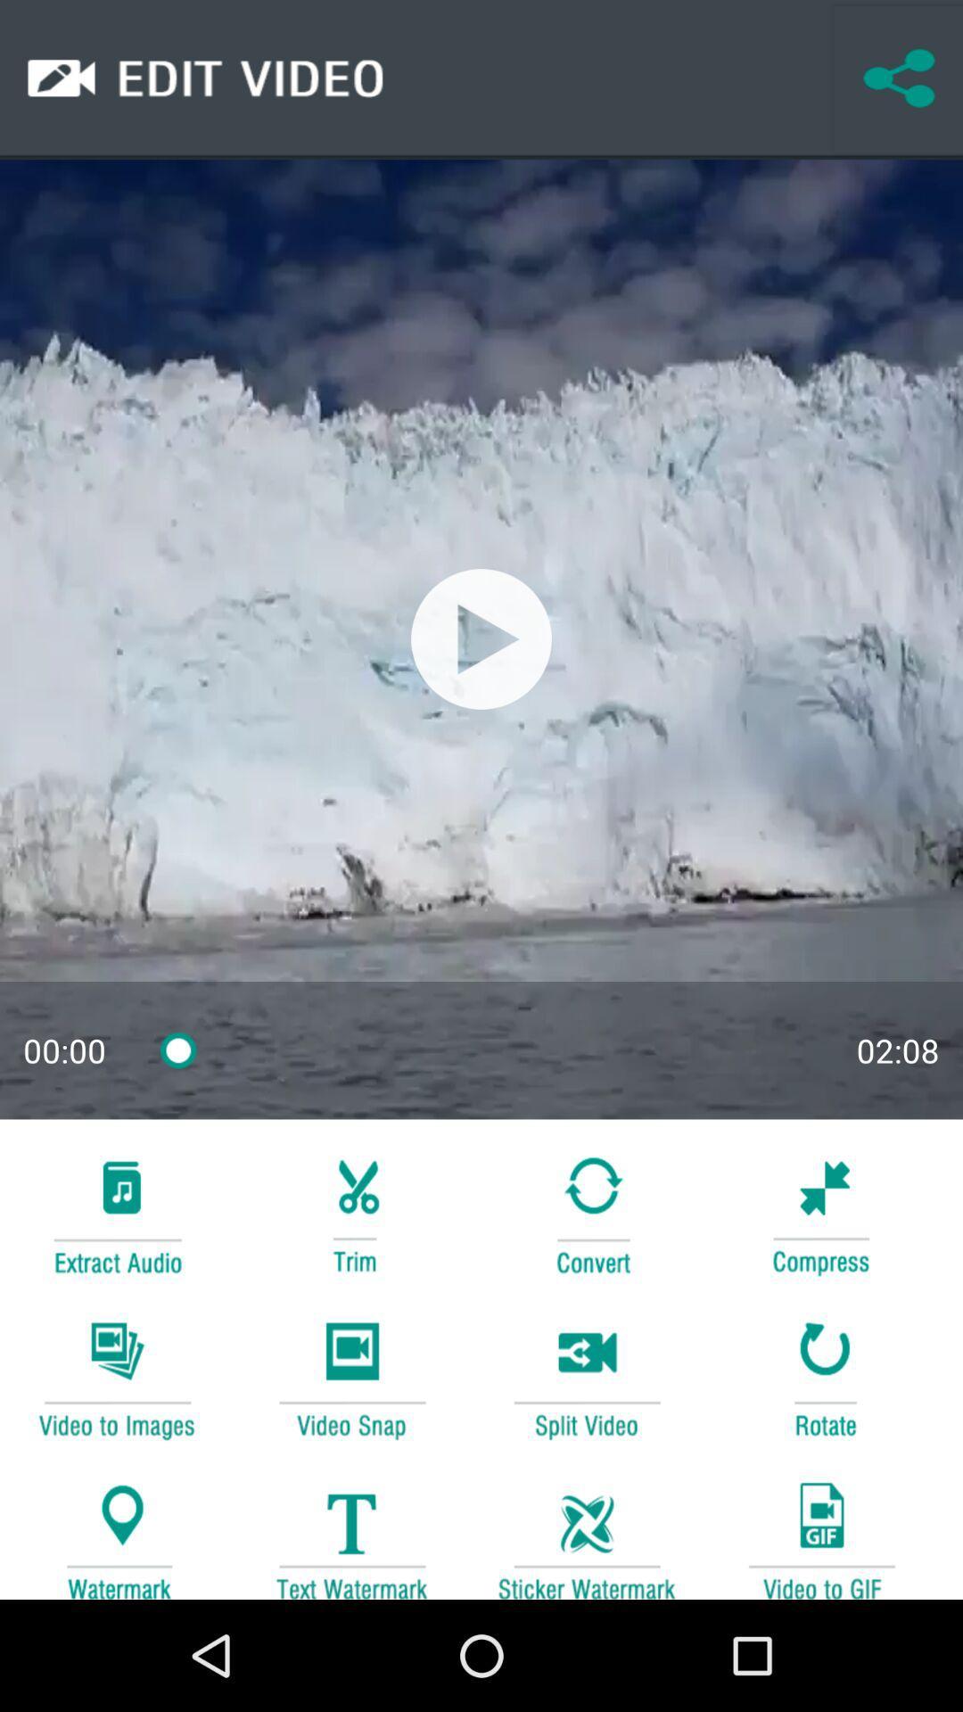 The height and width of the screenshot is (1712, 963). I want to click on convert this video to a gif, so click(821, 1531).